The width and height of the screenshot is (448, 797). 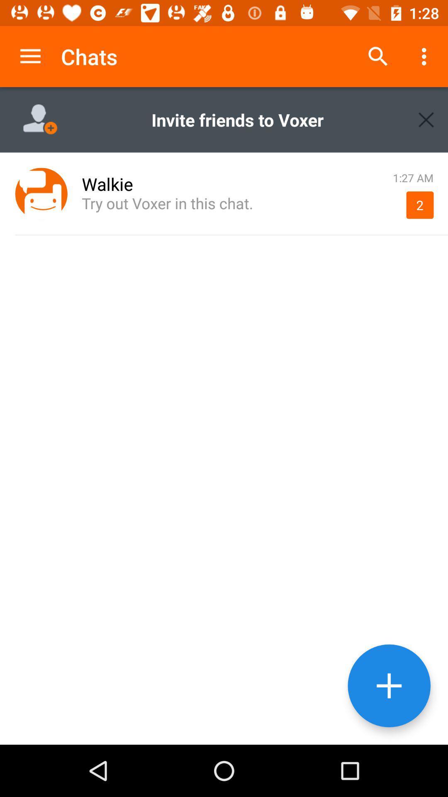 What do you see at coordinates (389, 686) in the screenshot?
I see `chat` at bounding box center [389, 686].